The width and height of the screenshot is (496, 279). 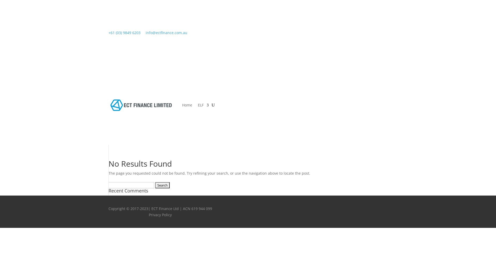 I want to click on 'Home', so click(x=187, y=105).